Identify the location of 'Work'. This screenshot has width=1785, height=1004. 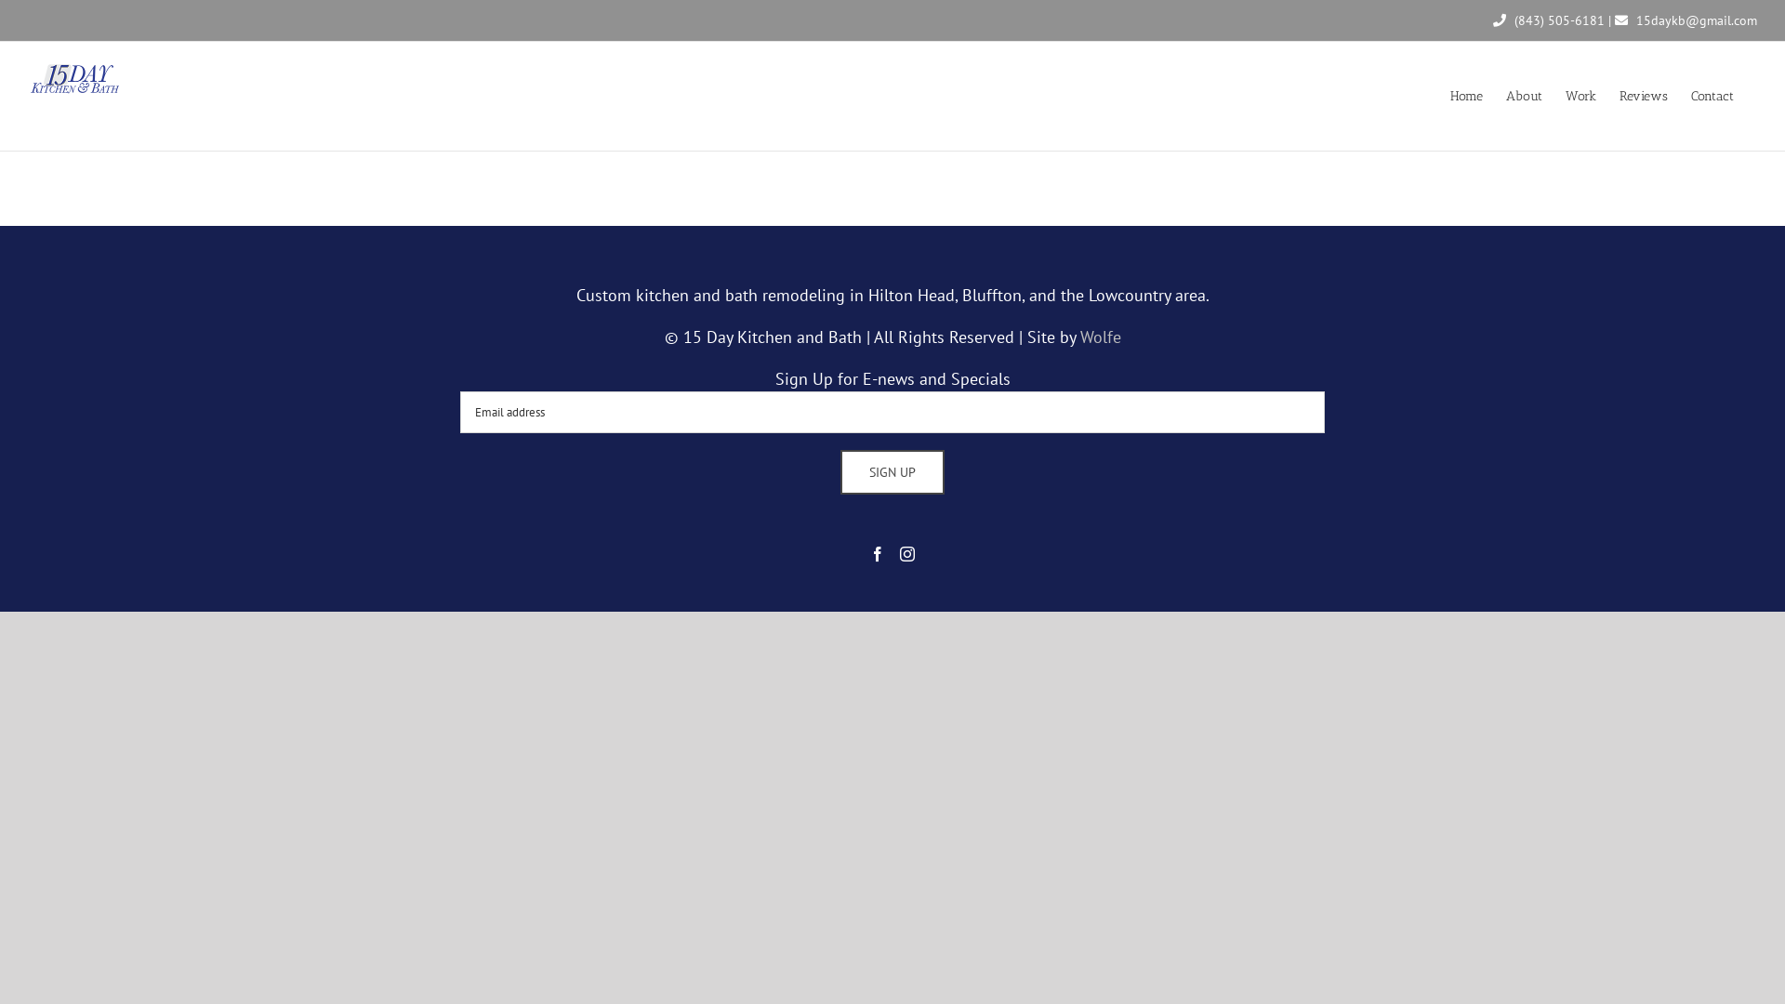
(1580, 96).